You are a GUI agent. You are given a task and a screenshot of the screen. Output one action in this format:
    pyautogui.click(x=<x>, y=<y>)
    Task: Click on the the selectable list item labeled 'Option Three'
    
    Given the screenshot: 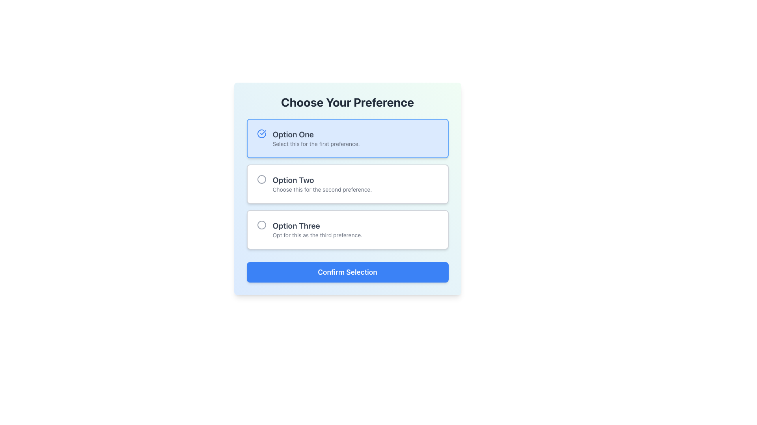 What is the action you would take?
    pyautogui.click(x=347, y=229)
    